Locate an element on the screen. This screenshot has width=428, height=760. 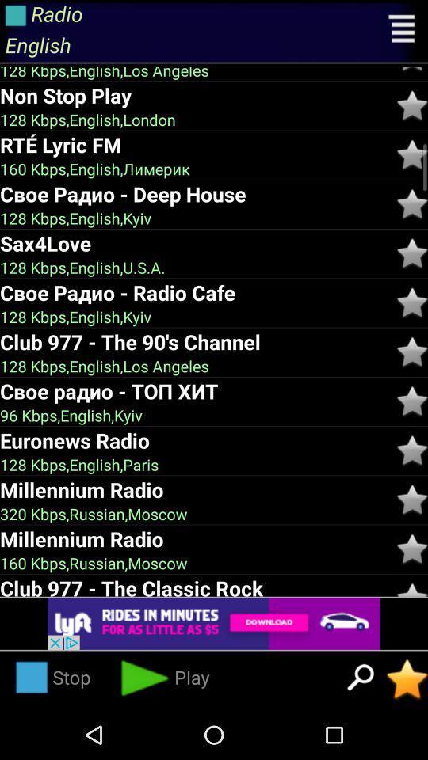
click the star option is located at coordinates (412, 351).